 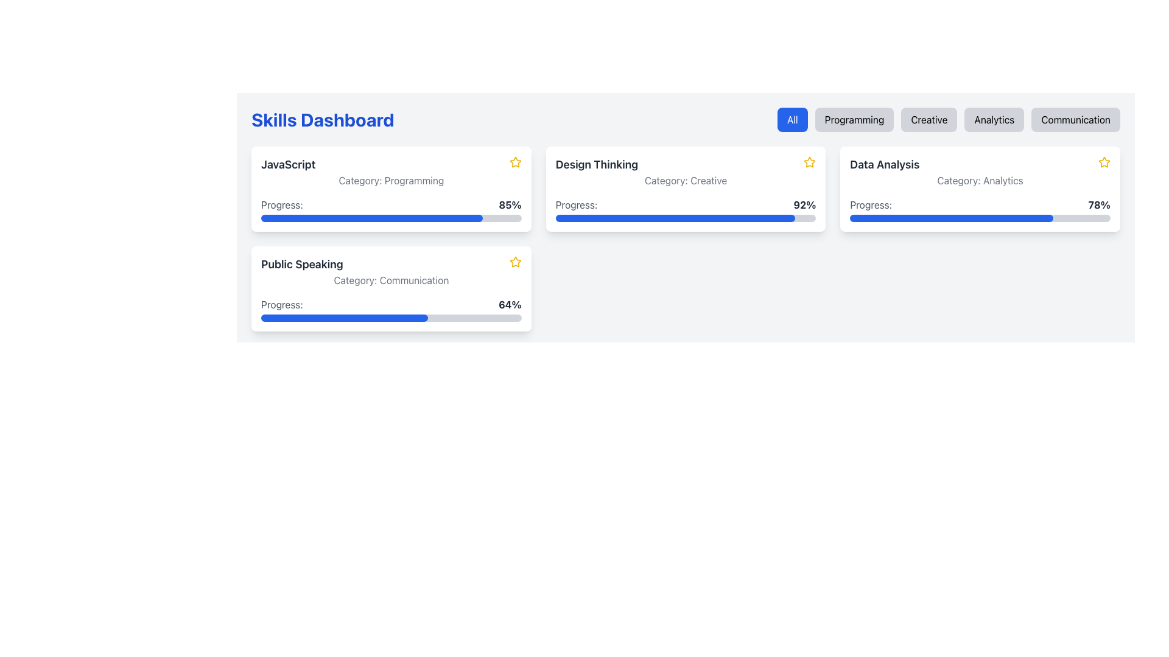 I want to click on the analytics filter button, which is the fourth button in a horizontal row of five buttons, located between the 'Creative' button on the left and the 'Communication' button on the right, so click(x=994, y=119).